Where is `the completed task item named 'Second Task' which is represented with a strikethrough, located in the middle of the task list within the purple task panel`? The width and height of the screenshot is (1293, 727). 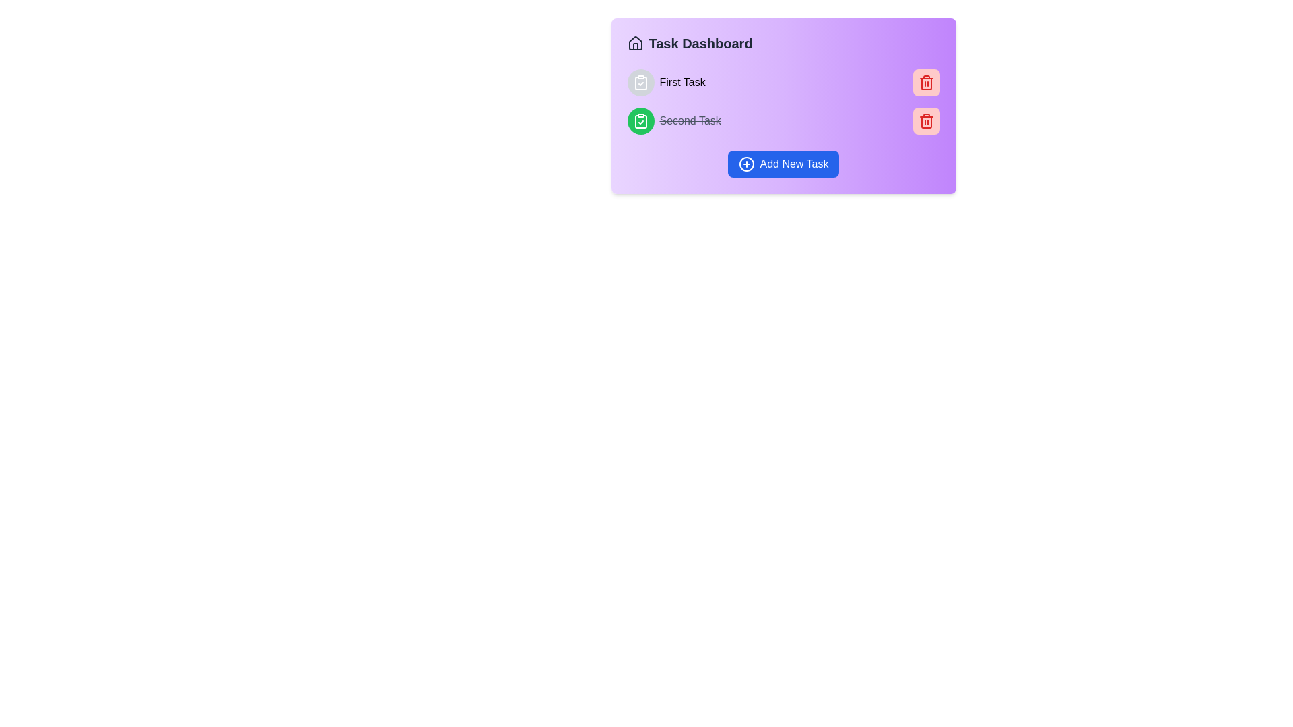
the completed task item named 'Second Task' which is represented with a strikethrough, located in the middle of the task list within the purple task panel is located at coordinates (674, 121).